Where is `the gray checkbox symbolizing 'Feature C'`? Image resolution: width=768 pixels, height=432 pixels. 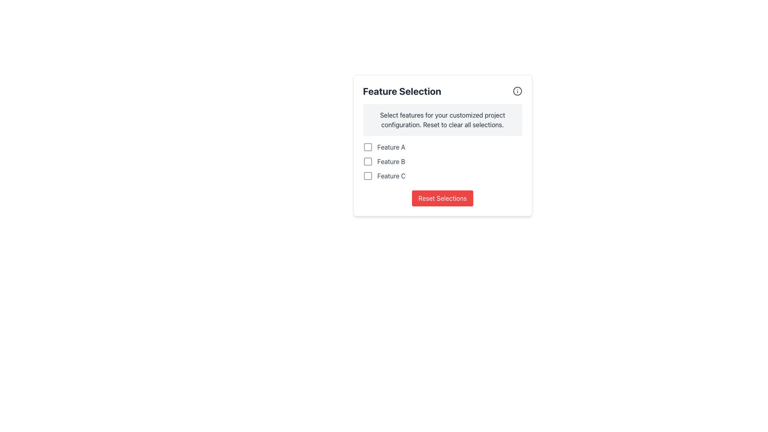 the gray checkbox symbolizing 'Feature C' is located at coordinates (367, 175).